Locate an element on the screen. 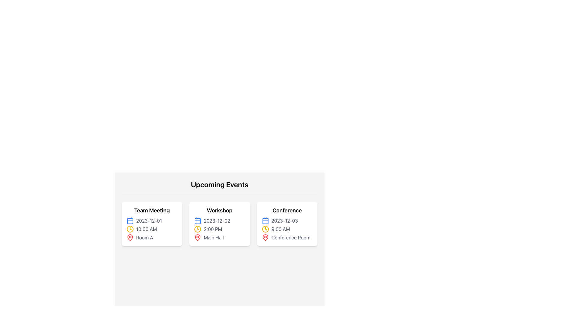  the map pin icon representing the location of the 'Team Meeting' scheduled on 2023-12-01, which is positioned to the left of the text 'Room A' is located at coordinates (130, 237).